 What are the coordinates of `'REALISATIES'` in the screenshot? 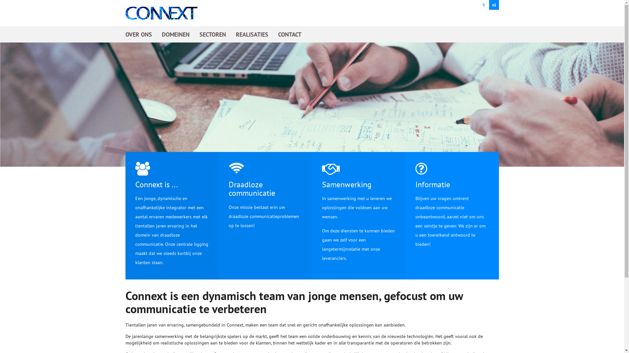 It's located at (236, 34).